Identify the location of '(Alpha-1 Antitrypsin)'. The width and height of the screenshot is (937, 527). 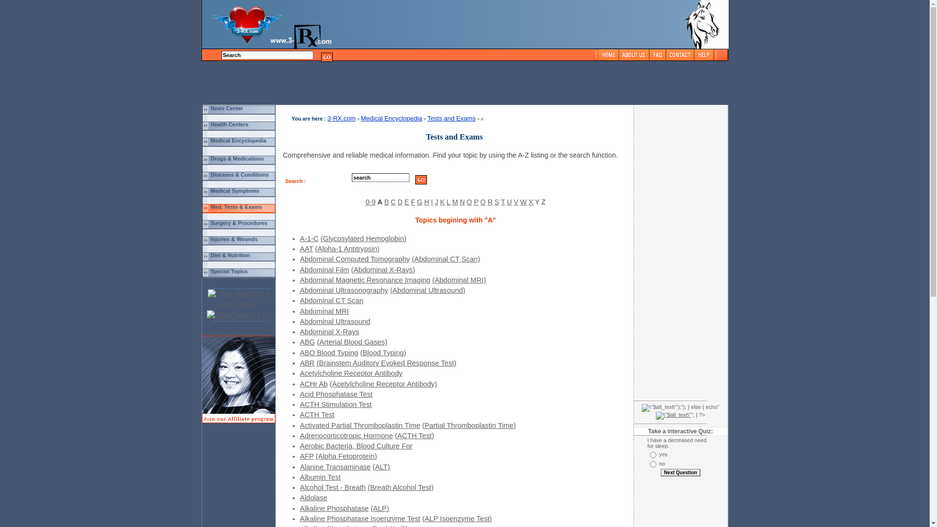
(347, 248).